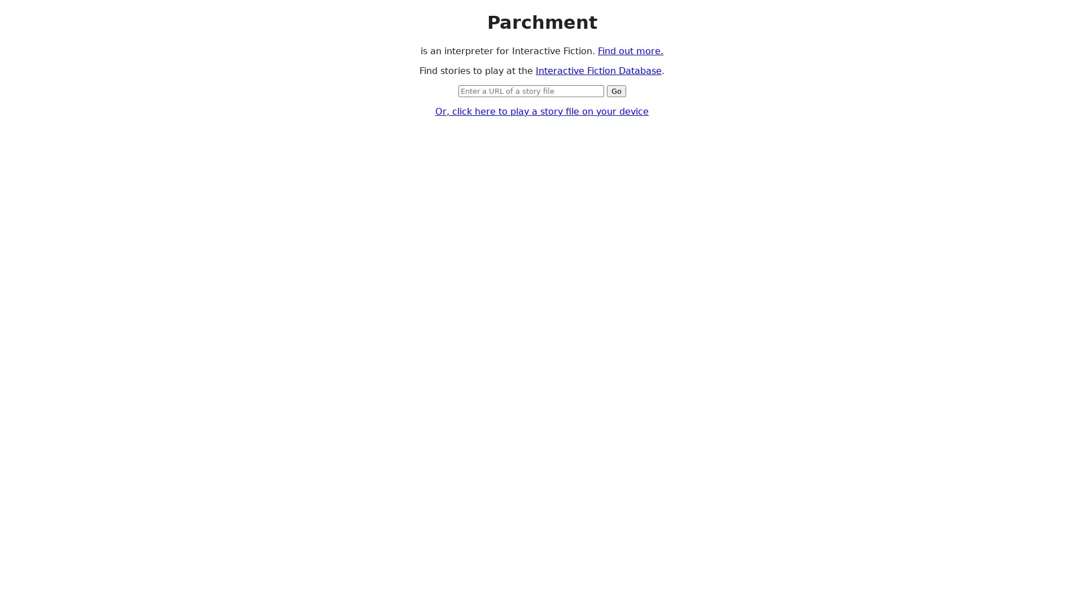 Image resolution: width=1084 pixels, height=610 pixels. Describe the element at coordinates (615, 90) in the screenshot. I see `Go` at that location.